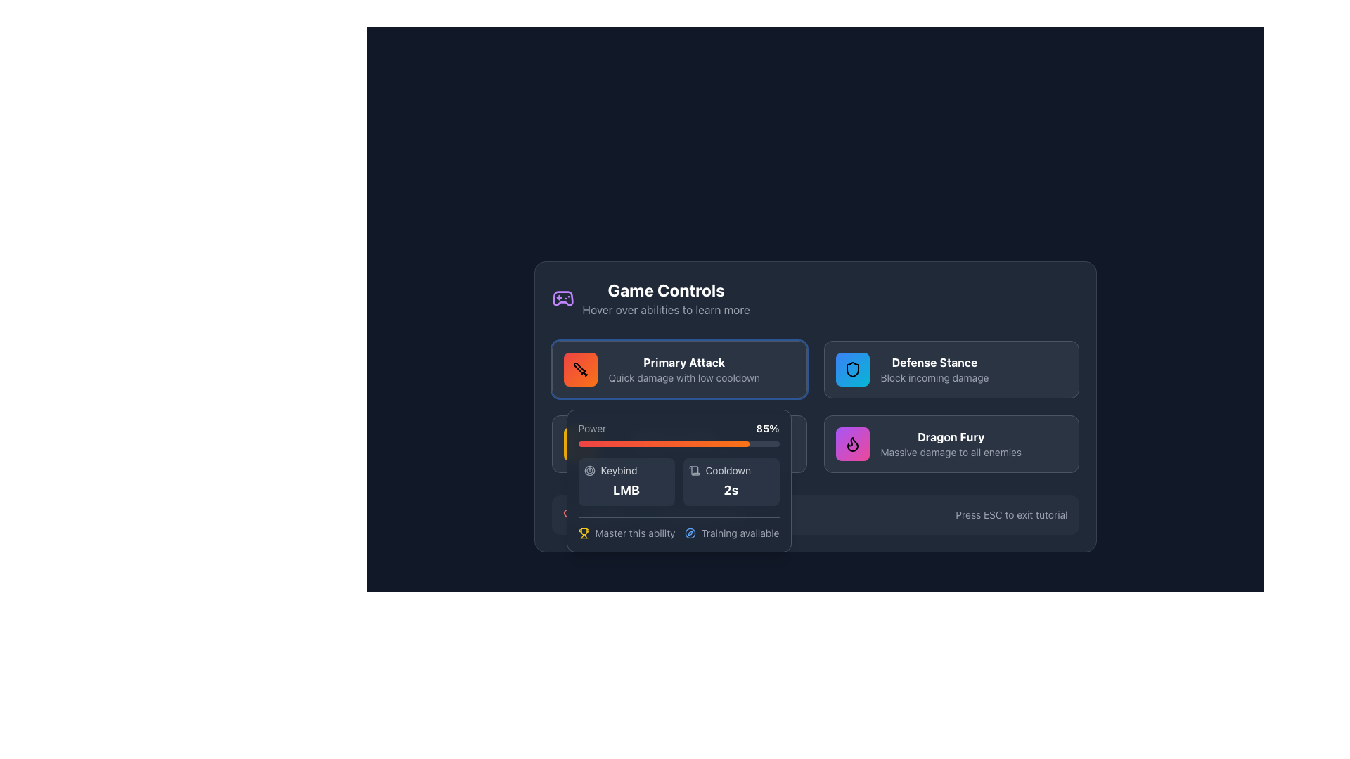 This screenshot has height=759, width=1350. Describe the element at coordinates (679, 479) in the screenshot. I see `the informative display component that provides detailed information about a specific ability or feature, including its power level, keybind, cooldown time, and training status` at that location.